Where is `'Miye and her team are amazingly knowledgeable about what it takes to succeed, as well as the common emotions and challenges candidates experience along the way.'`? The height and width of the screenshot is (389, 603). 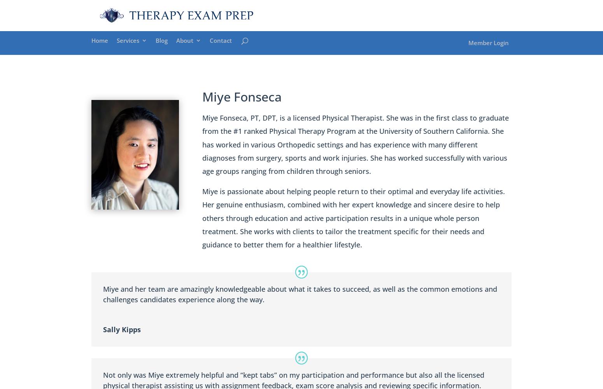
'Miye and her team are amazingly knowledgeable about what it takes to succeed, as well as the common emotions and challenges candidates experience along the way.' is located at coordinates (300, 294).